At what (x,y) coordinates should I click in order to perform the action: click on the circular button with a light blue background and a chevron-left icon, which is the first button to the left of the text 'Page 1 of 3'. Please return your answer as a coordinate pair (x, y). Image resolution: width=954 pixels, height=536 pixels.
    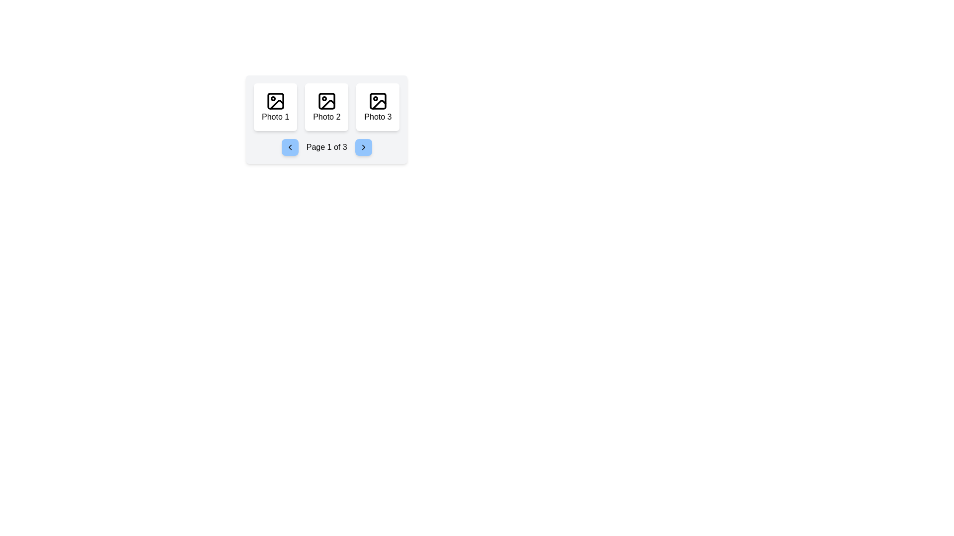
    Looking at the image, I should click on (289, 147).